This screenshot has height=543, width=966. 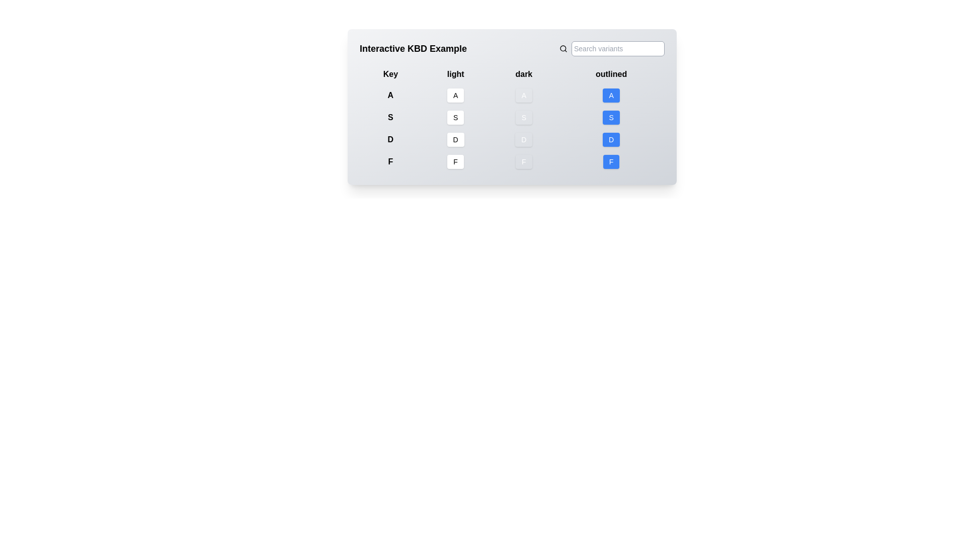 I want to click on the rectangular button with a white background and the uppercase letter 'A' in black, located under the 'light' column and aligned with the 'A' row in the 'Key' column, so click(x=455, y=95).